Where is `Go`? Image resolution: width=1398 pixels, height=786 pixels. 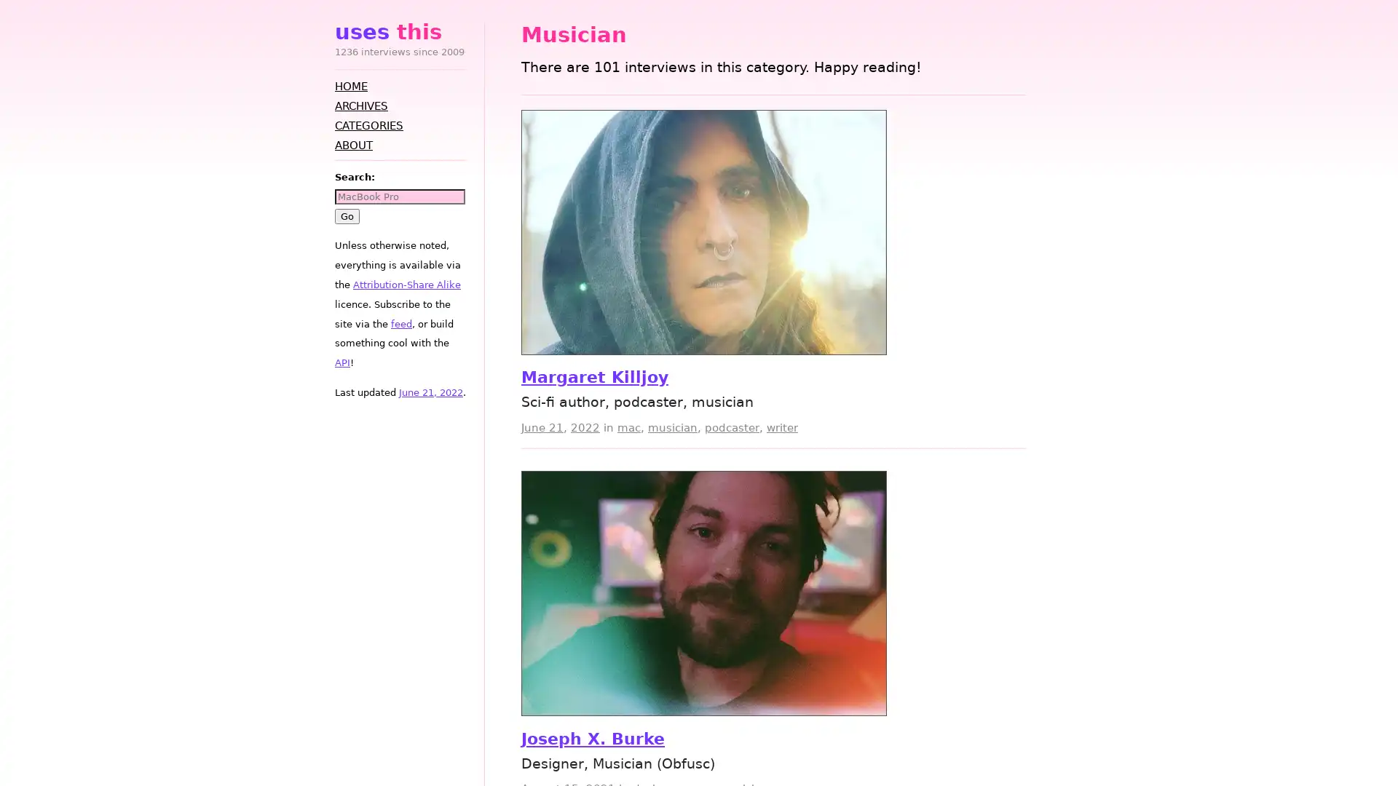 Go is located at coordinates (346, 215).